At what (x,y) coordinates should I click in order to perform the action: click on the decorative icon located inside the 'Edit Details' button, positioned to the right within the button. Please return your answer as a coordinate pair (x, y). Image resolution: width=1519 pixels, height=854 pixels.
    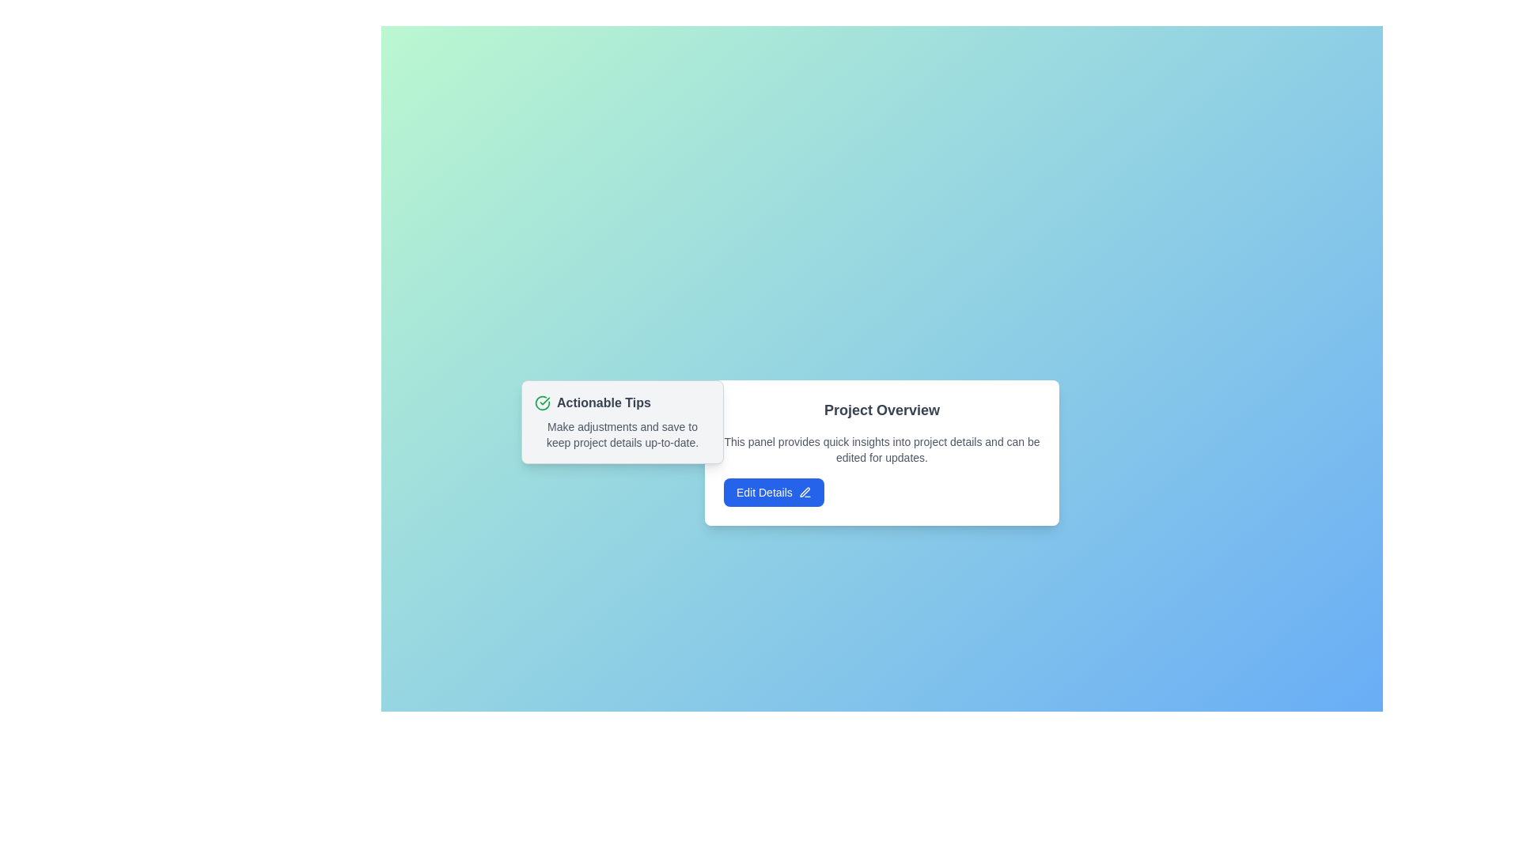
    Looking at the image, I should click on (805, 491).